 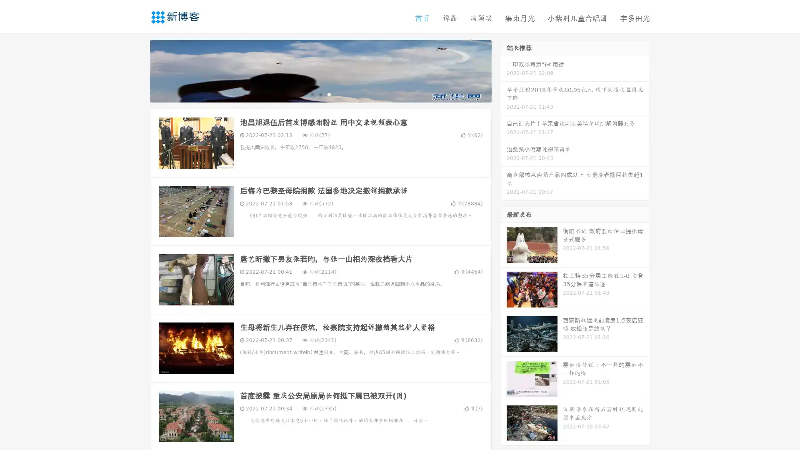 I want to click on Go to slide 2, so click(x=320, y=94).